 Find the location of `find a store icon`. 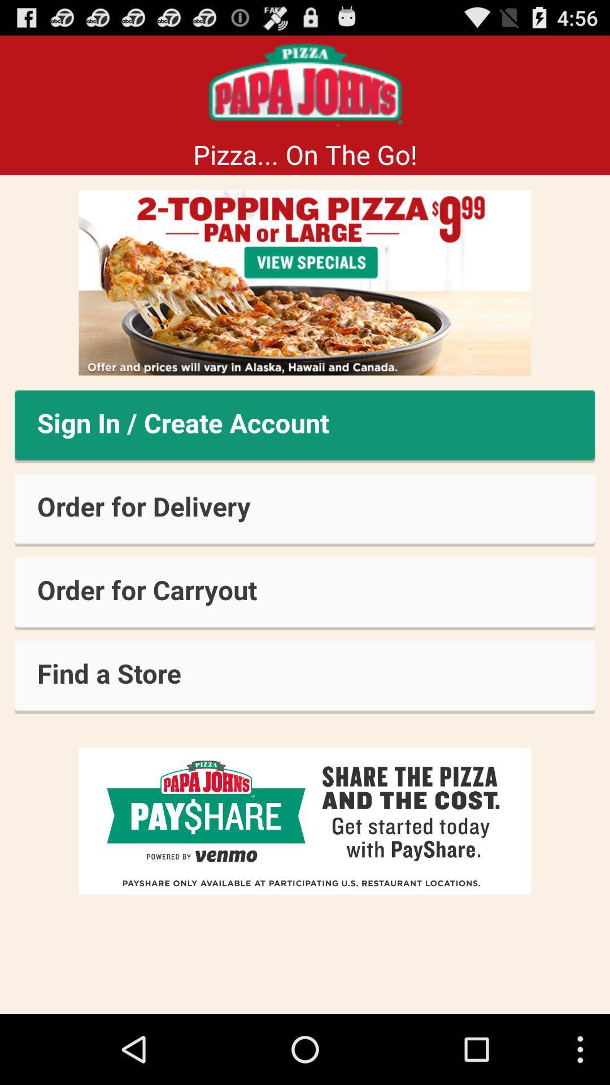

find a store icon is located at coordinates (305, 677).